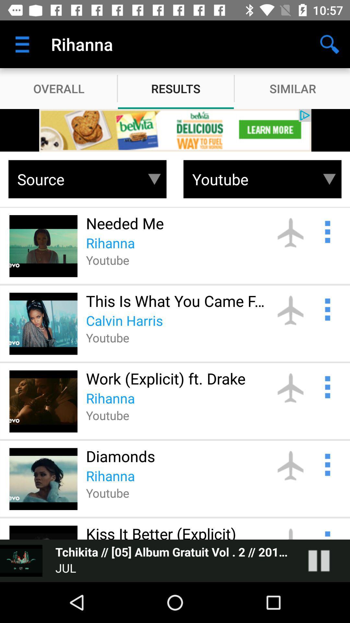  What do you see at coordinates (252, 179) in the screenshot?
I see `youtube` at bounding box center [252, 179].